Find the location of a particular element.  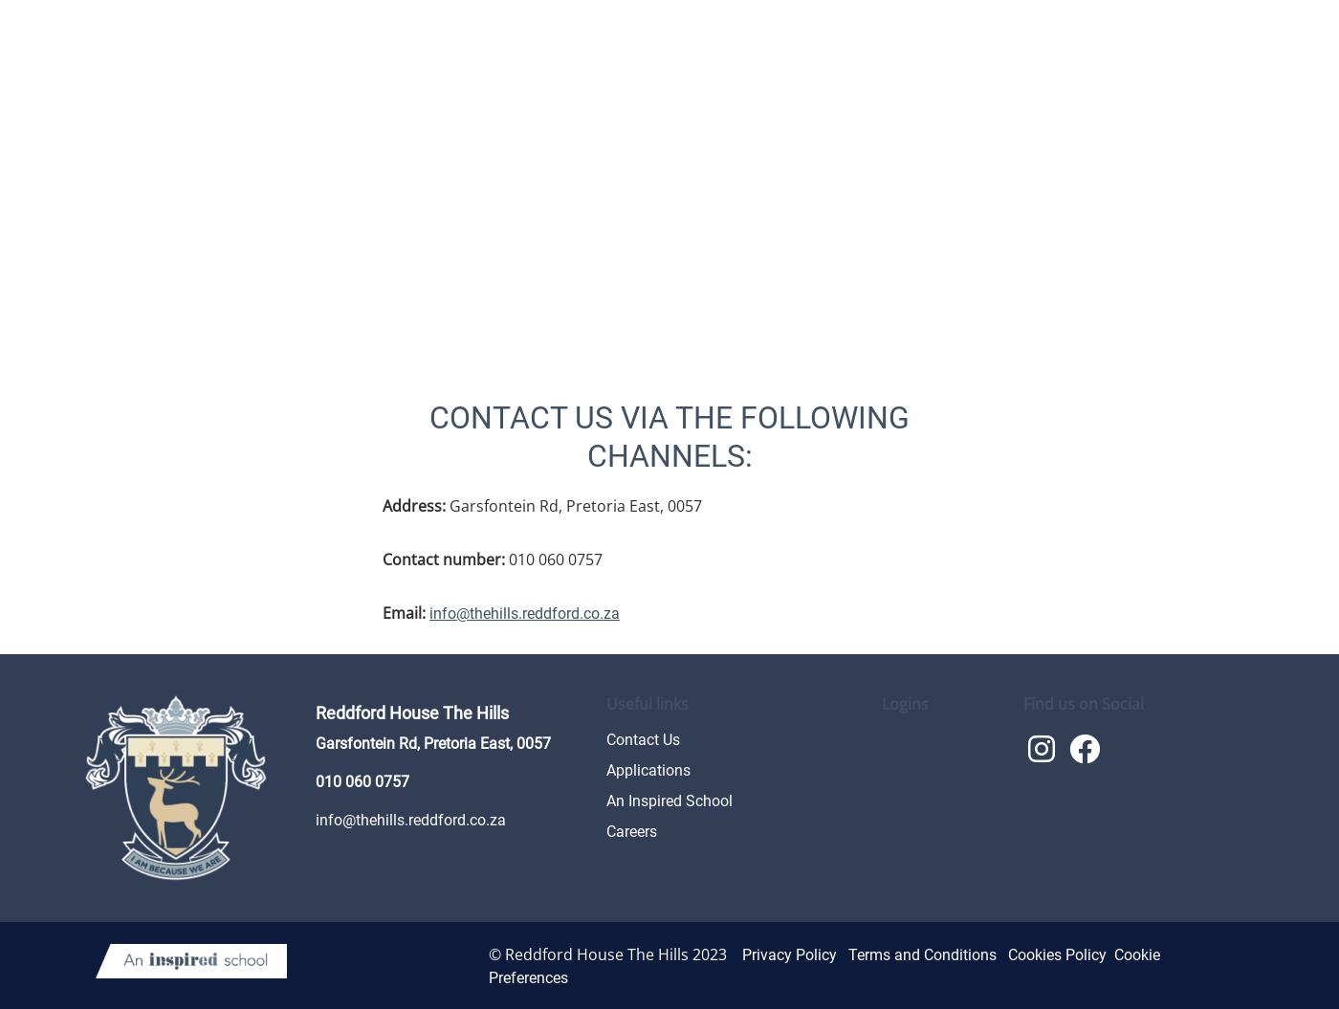

'Email:' is located at coordinates (381, 611).